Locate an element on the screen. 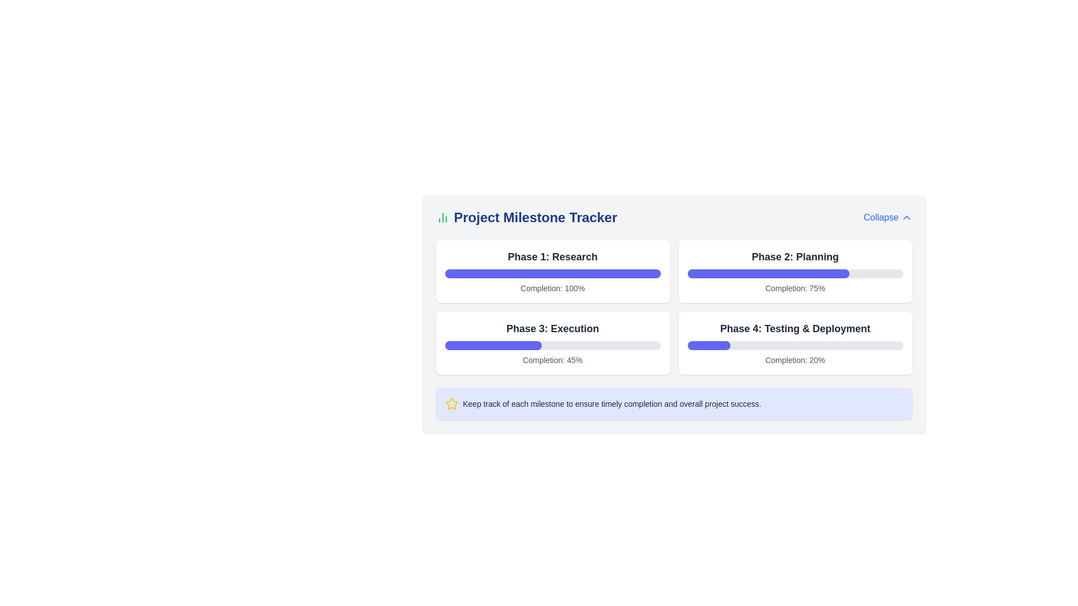 This screenshot has width=1078, height=606. the Progress bar indicating 20% completion in the 'Phase 4: Testing & Deployment' section is located at coordinates (794, 345).